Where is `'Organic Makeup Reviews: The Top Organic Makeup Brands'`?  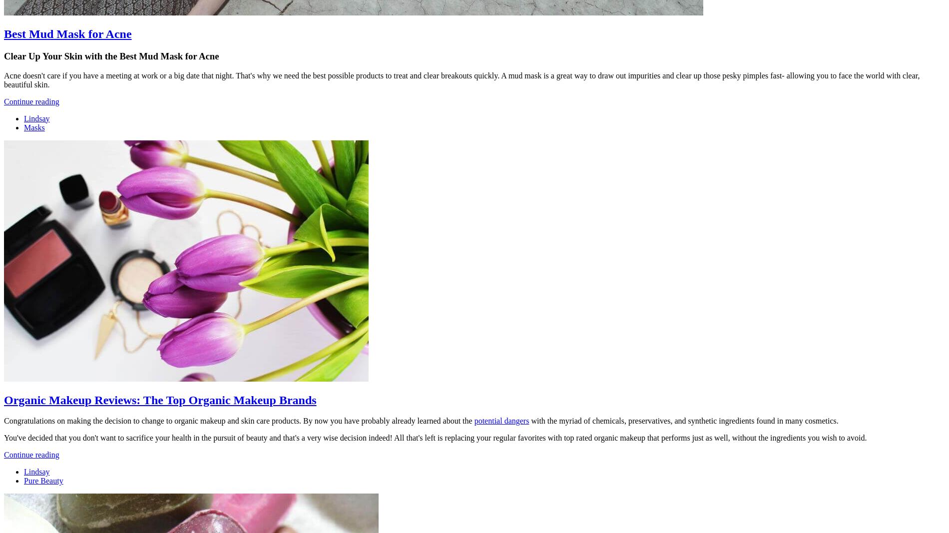
'Organic Makeup Reviews: The Top Organic Makeup Brands' is located at coordinates (159, 399).